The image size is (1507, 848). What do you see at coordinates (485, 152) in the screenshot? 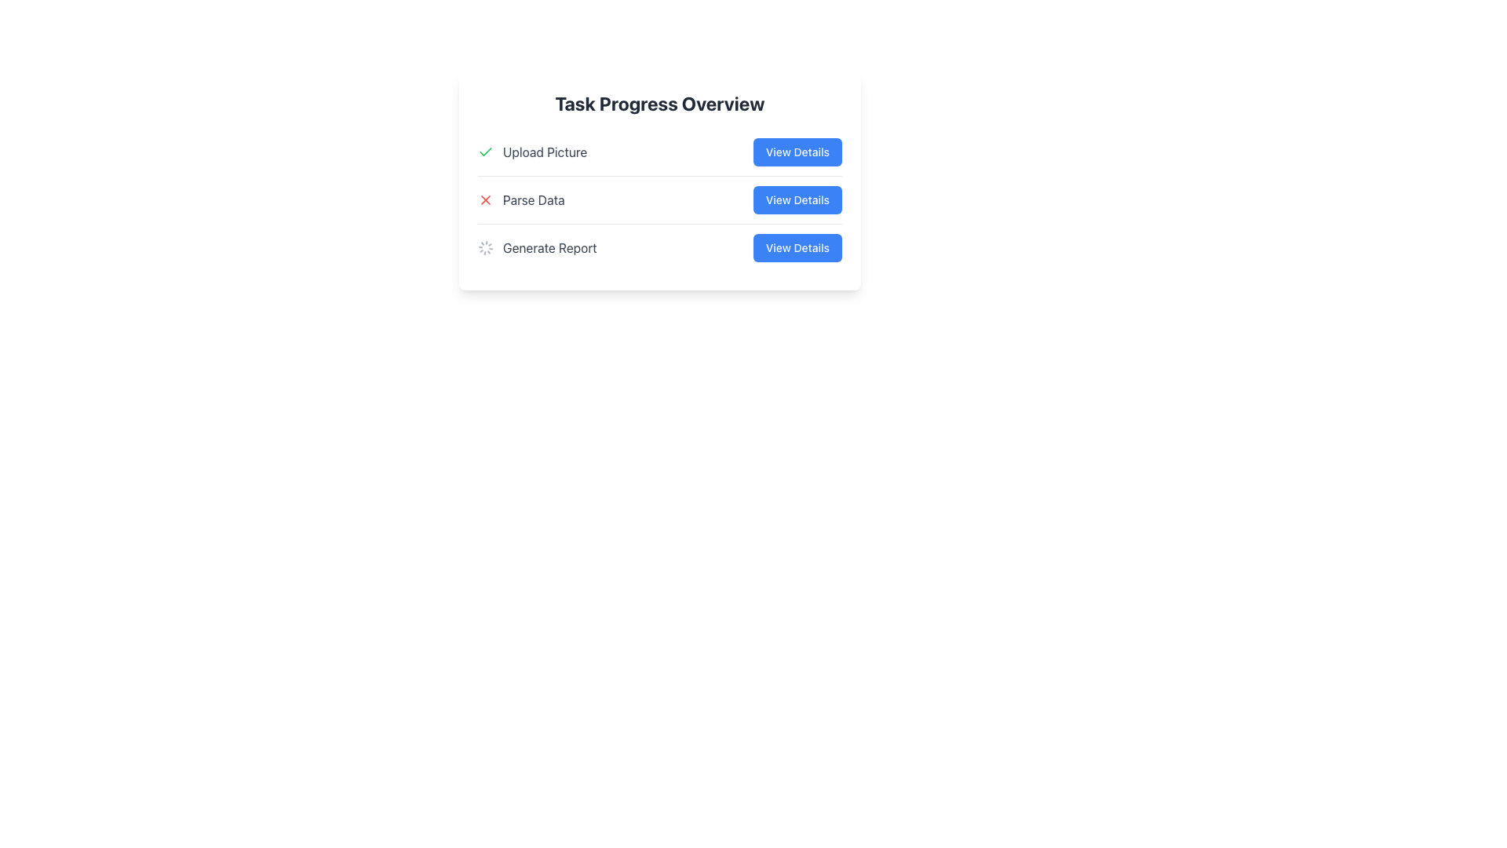
I see `the success indicator icon for the 'Upload Picture' task located in the 'Task Progress Overview' section` at bounding box center [485, 152].